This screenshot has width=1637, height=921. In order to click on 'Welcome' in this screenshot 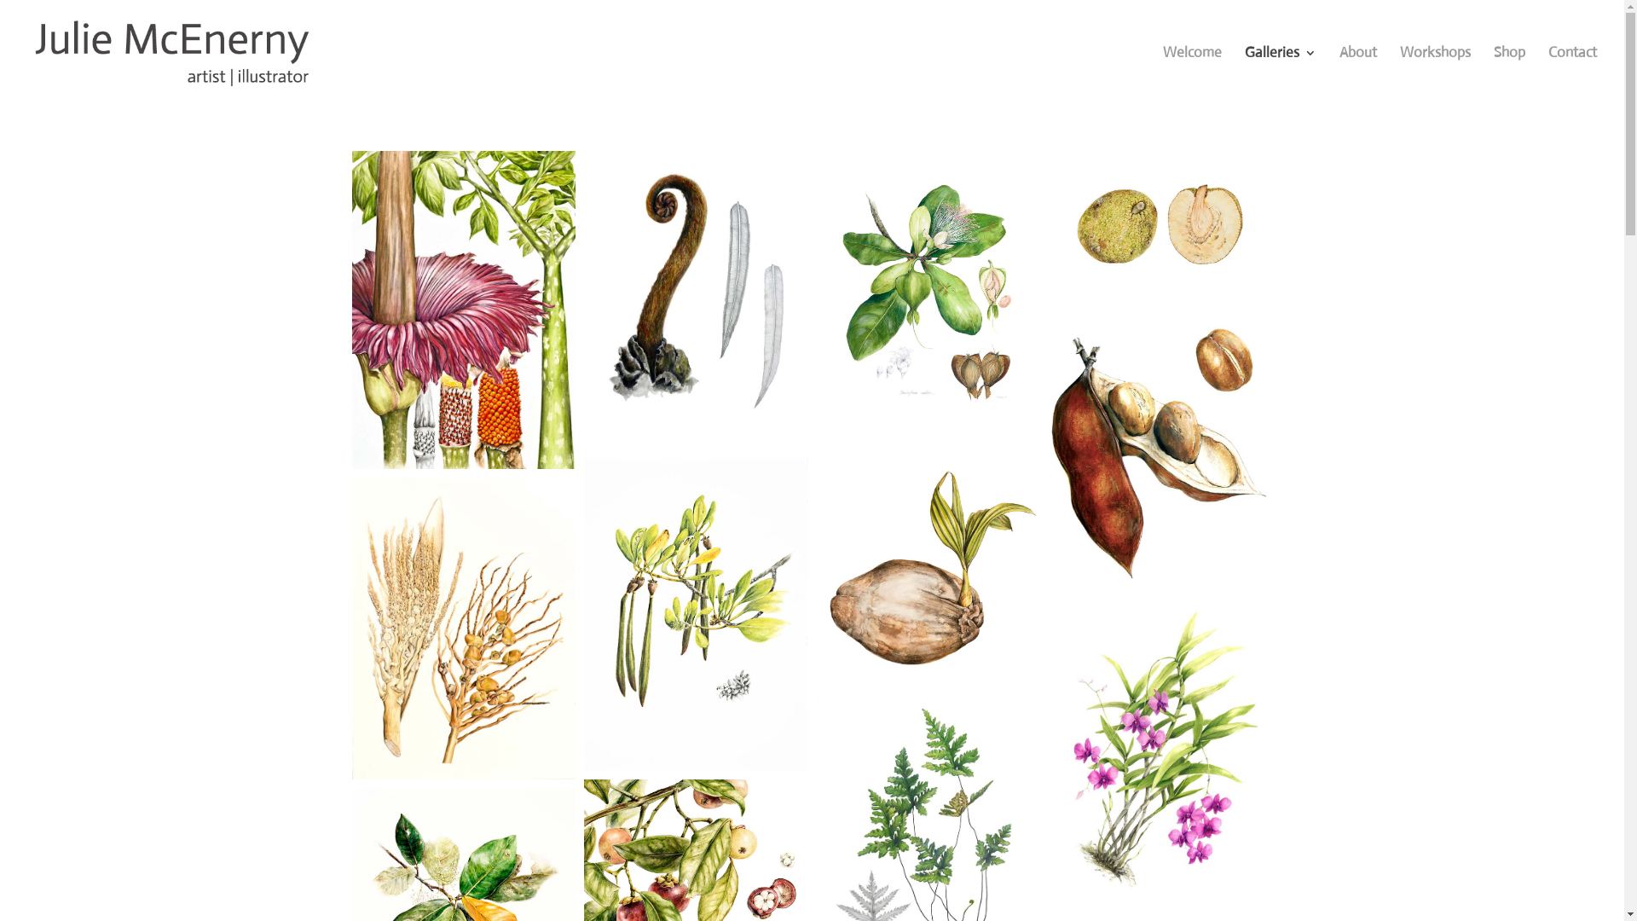, I will do `click(1191, 75)`.